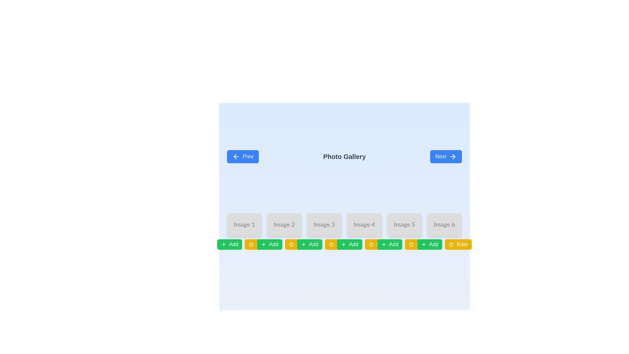 This screenshot has width=629, height=354. Describe the element at coordinates (223, 244) in the screenshot. I see `the 'Add' button icon located beneath 'Image 1'` at that location.